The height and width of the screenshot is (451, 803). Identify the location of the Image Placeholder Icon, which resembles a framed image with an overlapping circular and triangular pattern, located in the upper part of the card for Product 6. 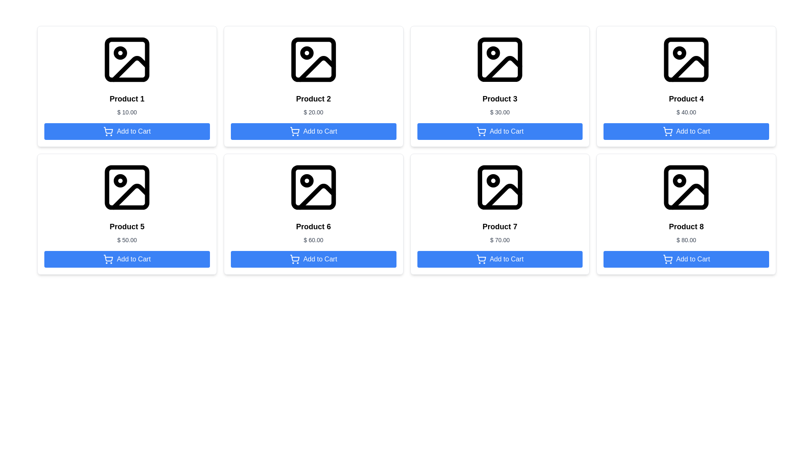
(313, 187).